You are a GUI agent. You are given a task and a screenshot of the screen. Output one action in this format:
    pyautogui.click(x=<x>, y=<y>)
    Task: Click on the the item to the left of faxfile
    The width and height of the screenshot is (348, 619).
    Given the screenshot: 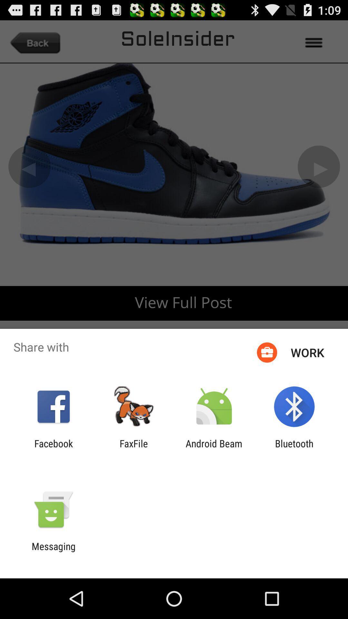 What is the action you would take?
    pyautogui.click(x=53, y=449)
    